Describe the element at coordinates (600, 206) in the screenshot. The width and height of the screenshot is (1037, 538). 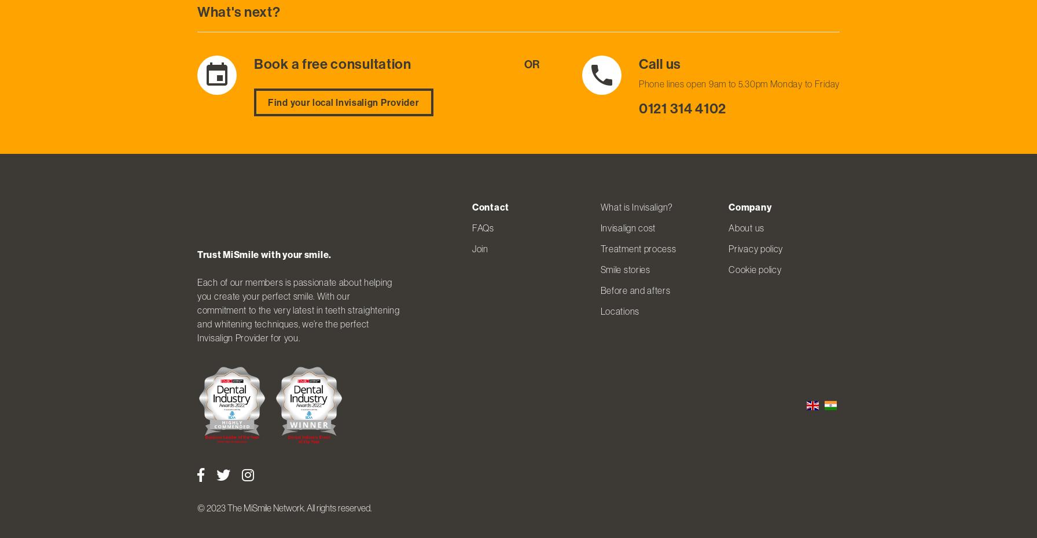
I see `'What is Invisalign?'` at that location.